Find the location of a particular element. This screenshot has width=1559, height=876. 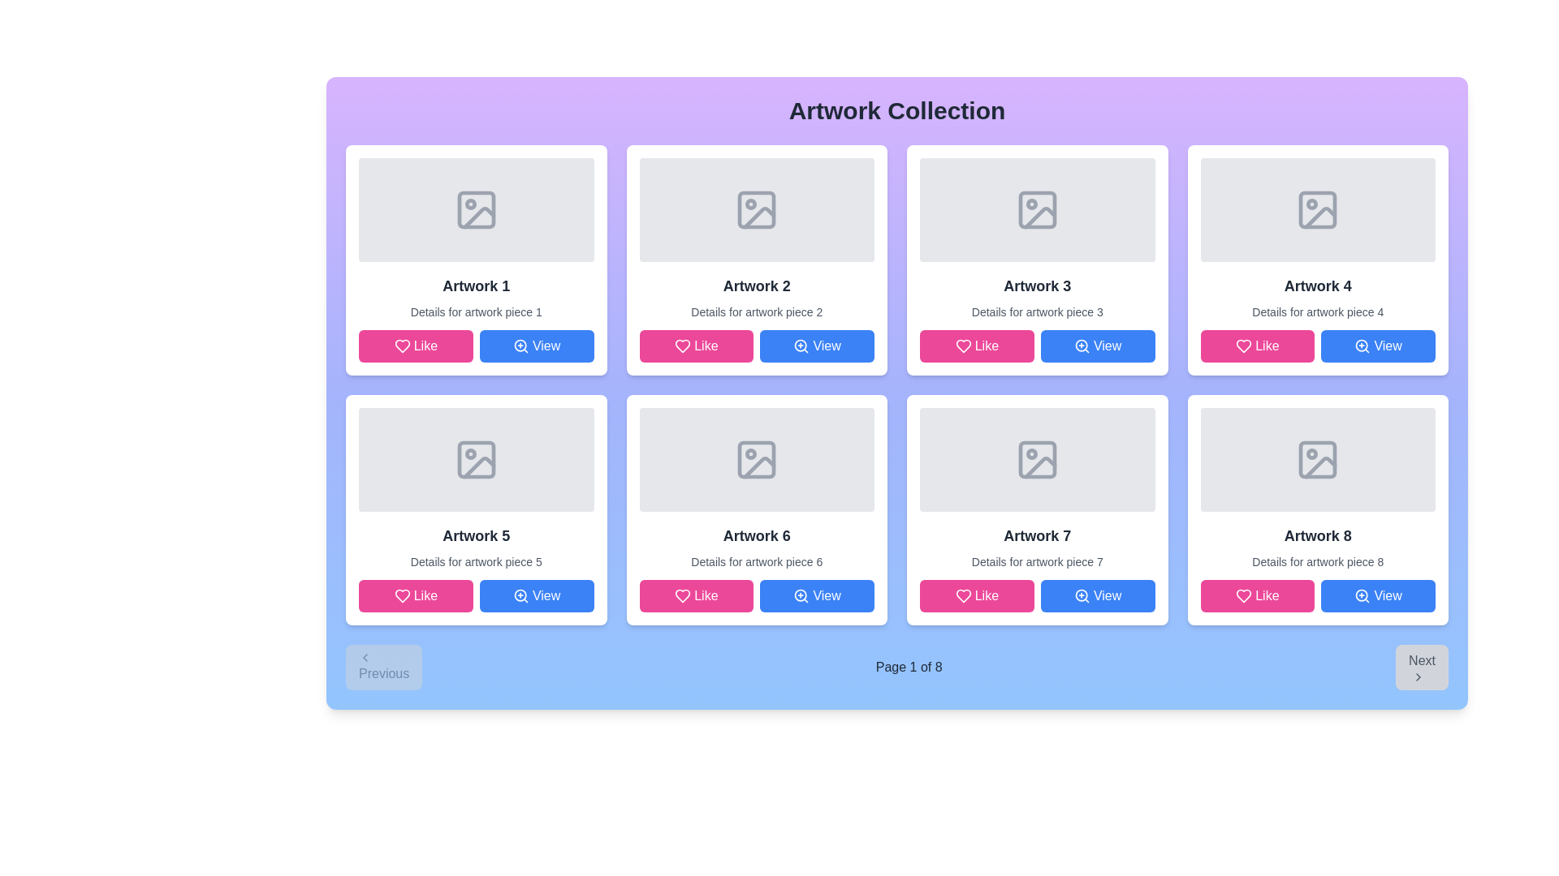

the like button located in the fifth card from the left in the second row of the grid layout, which is positioned below the description of 'Artwork 5' and next to the blue 'View' button is located at coordinates (416, 596).